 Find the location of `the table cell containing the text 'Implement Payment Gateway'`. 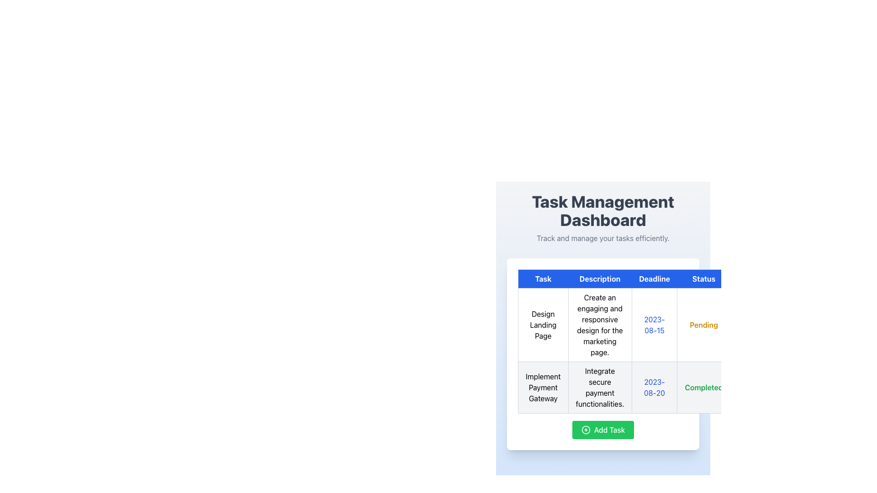

the table cell containing the text 'Implement Payment Gateway' is located at coordinates (543, 387).